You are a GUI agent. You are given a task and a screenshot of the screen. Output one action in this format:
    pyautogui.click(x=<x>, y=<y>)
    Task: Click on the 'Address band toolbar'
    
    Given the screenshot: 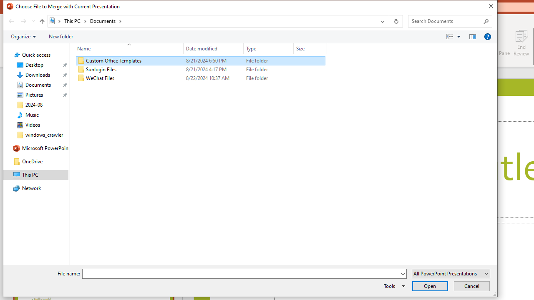 What is the action you would take?
    pyautogui.click(x=388, y=21)
    